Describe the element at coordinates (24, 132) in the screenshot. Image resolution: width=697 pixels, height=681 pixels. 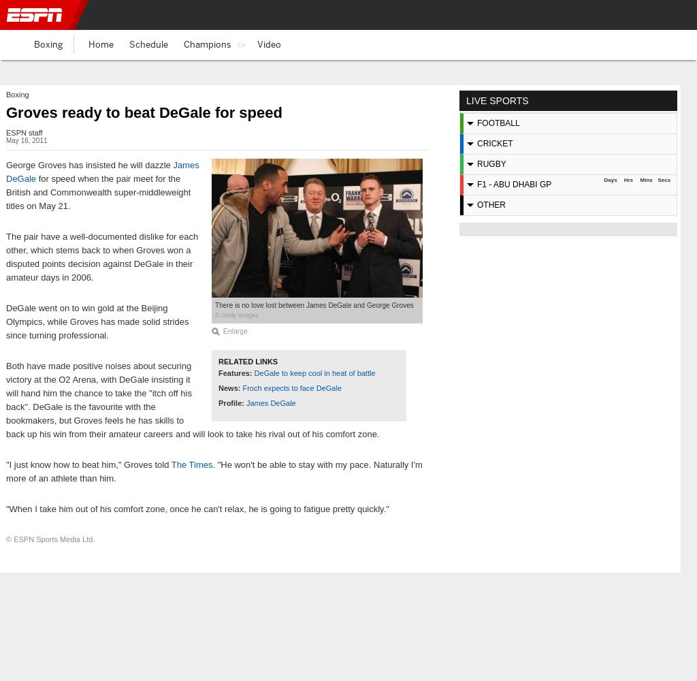
I see `'ESPN staff'` at that location.